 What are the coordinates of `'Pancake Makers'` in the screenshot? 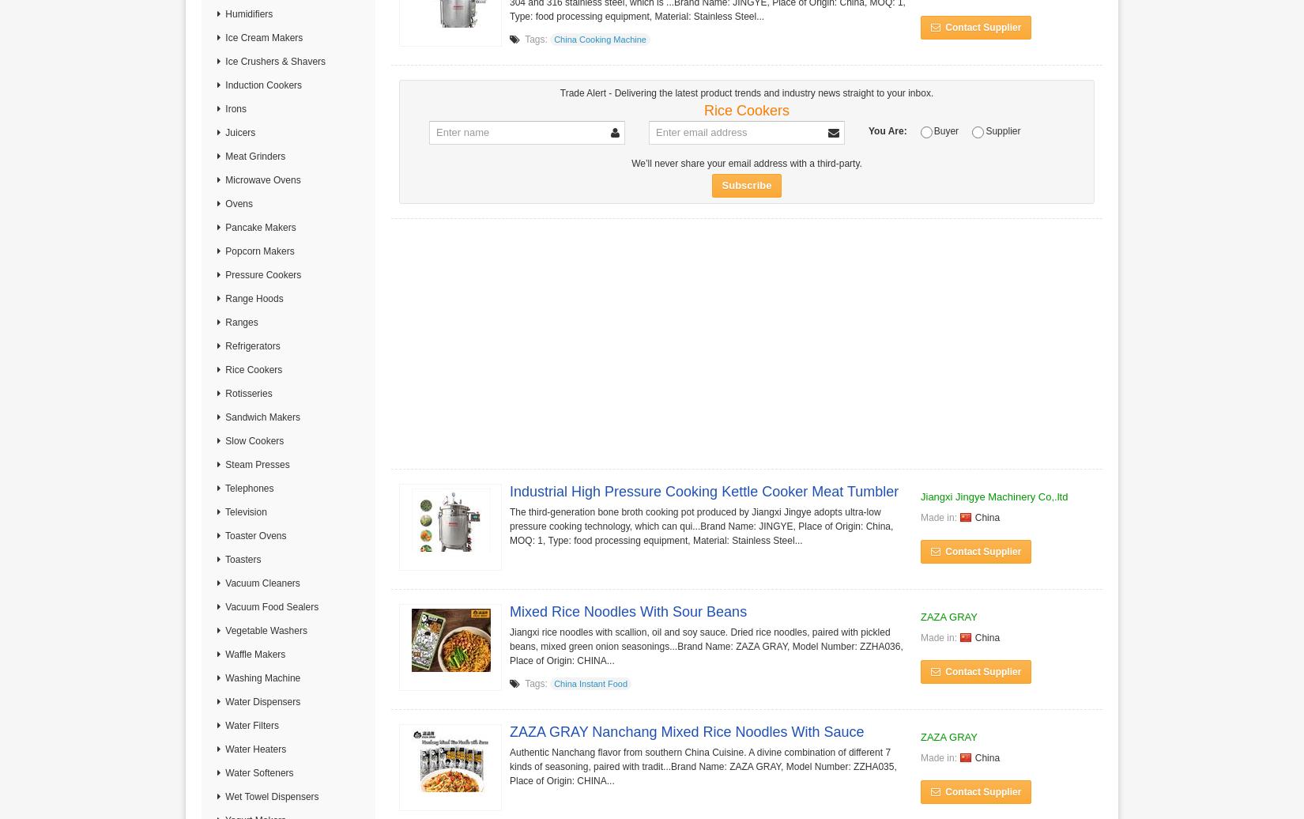 It's located at (259, 228).